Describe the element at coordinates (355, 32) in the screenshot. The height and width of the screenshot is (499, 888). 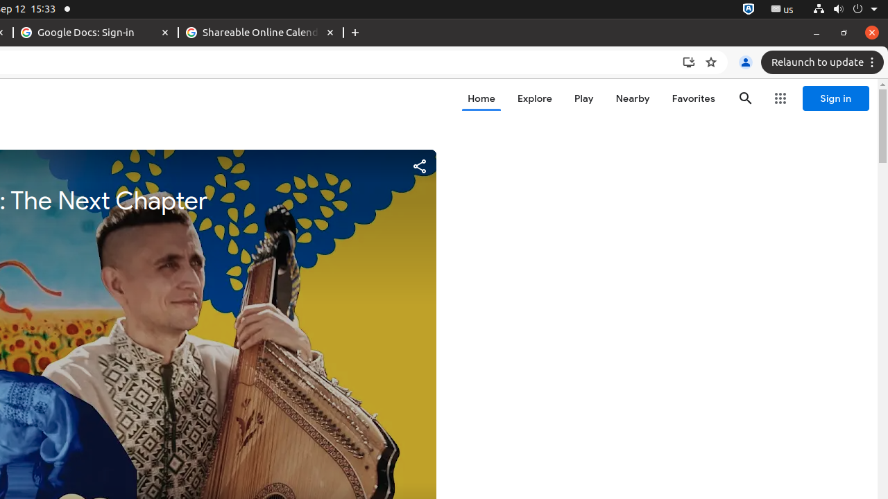
I see `'New Tab'` at that location.